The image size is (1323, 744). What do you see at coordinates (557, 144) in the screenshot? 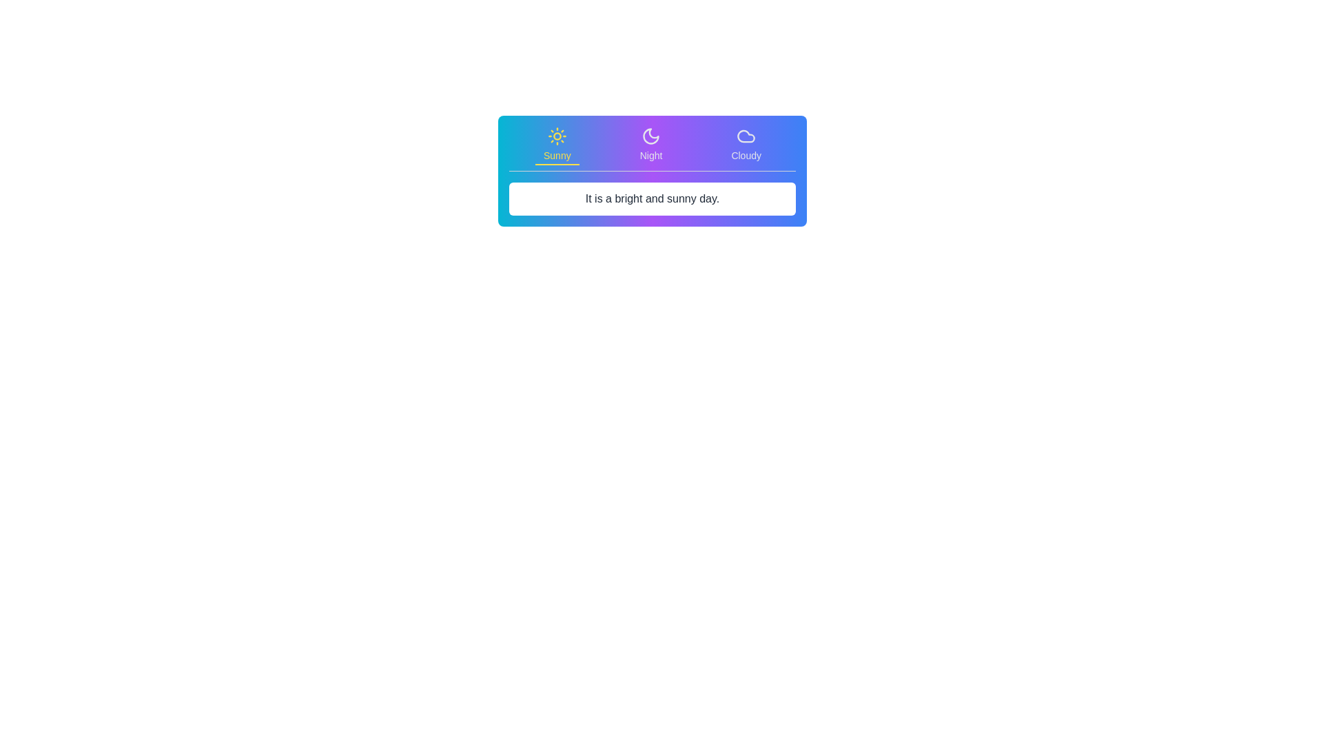
I see `the 'Sunny' button, which features a yellow sun icon and the text 'Sunny' in yellow on a gradient blue background` at bounding box center [557, 144].